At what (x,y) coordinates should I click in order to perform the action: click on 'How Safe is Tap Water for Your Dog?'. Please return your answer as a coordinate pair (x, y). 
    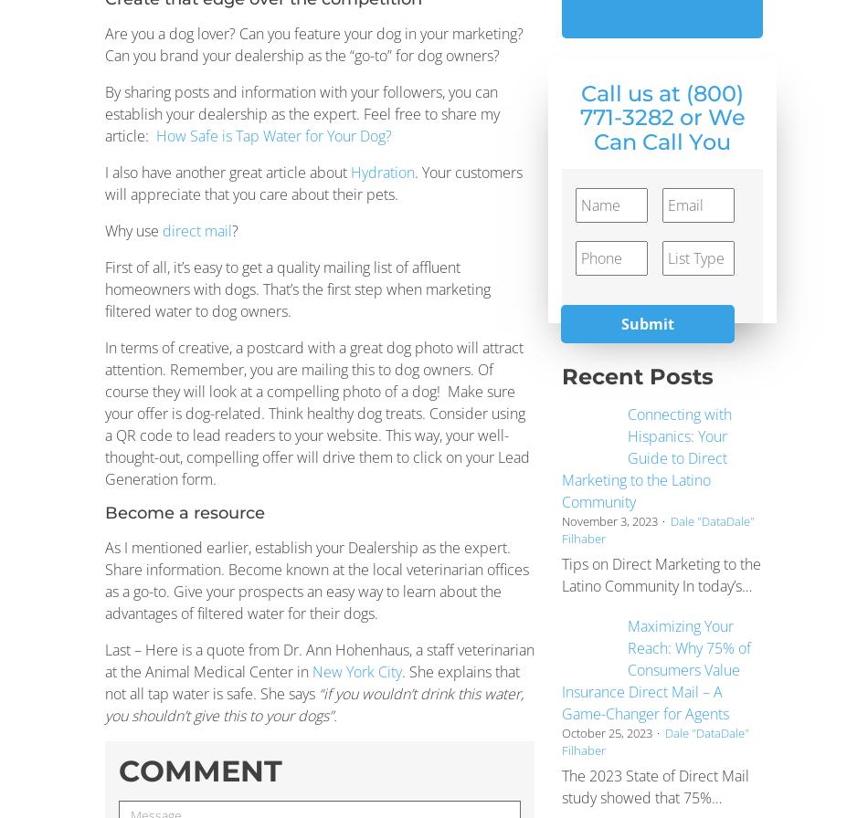
    Looking at the image, I should click on (273, 135).